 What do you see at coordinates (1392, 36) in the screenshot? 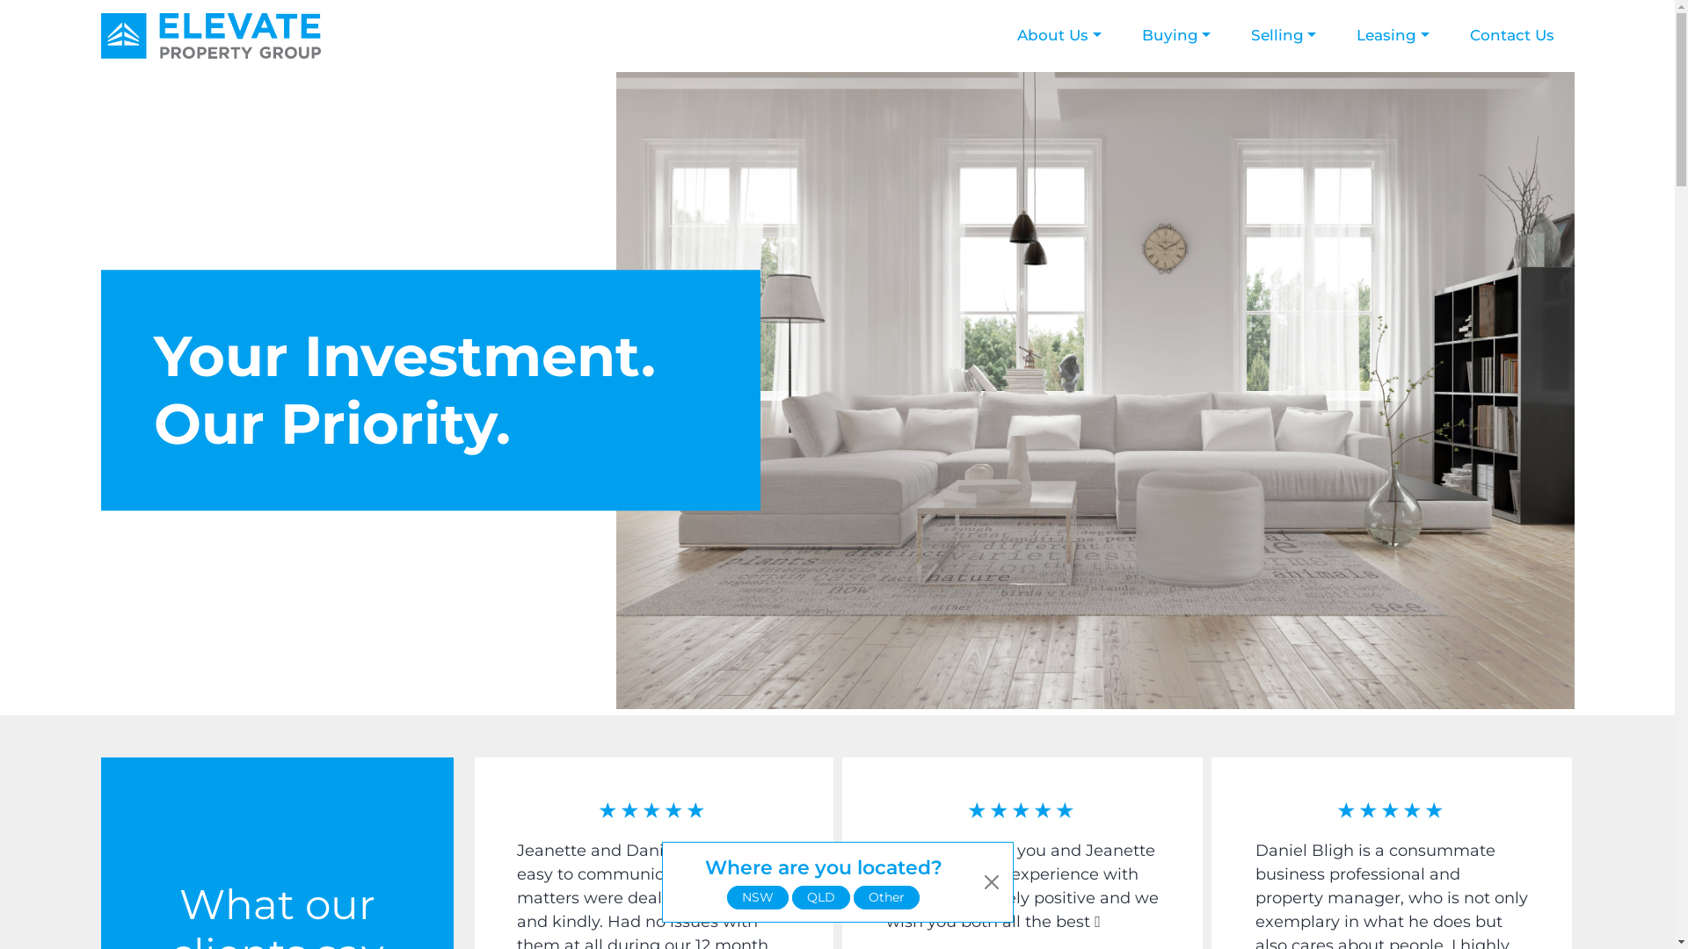
I see `'Leasing'` at bounding box center [1392, 36].